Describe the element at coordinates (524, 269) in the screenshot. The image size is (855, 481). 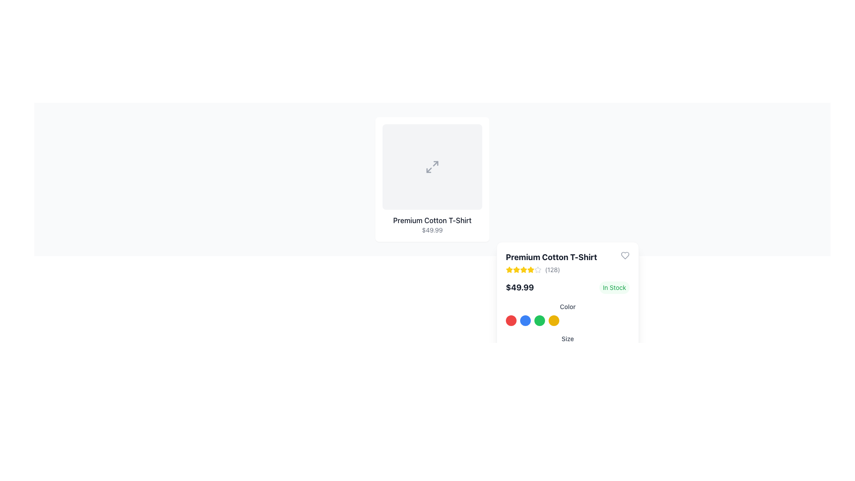
I see `the fifth star icon from a series of six, which is visually styled in yellow and represents a rating system, to alter the rating` at that location.